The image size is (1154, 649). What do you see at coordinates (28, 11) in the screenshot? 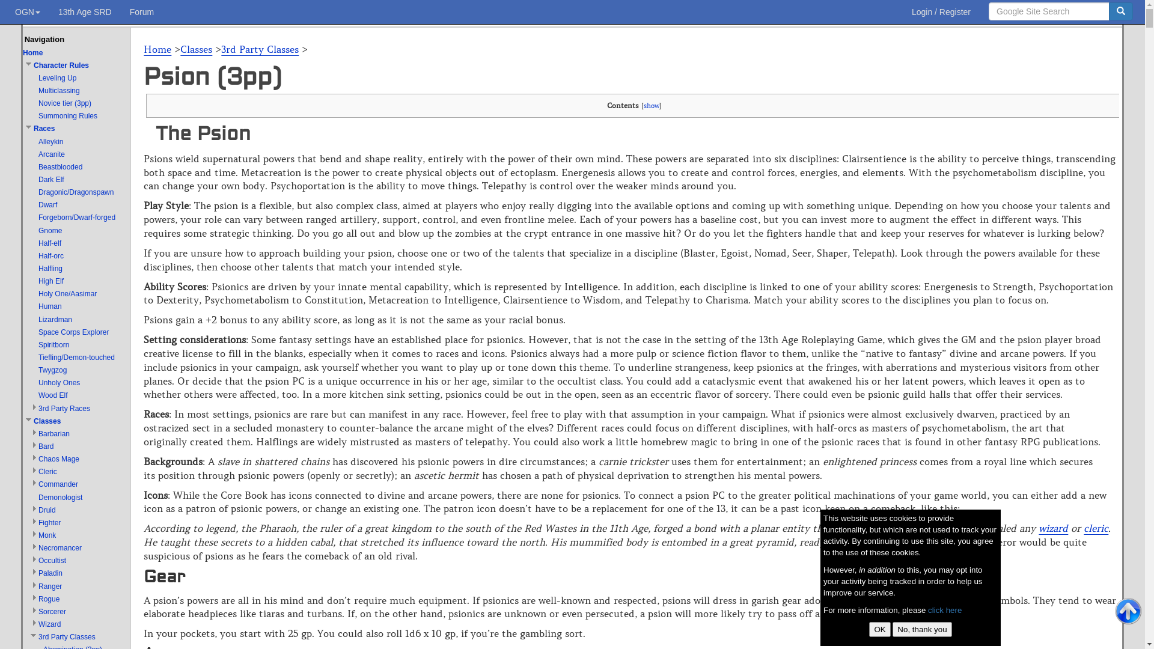
I see `'OGN'` at bounding box center [28, 11].